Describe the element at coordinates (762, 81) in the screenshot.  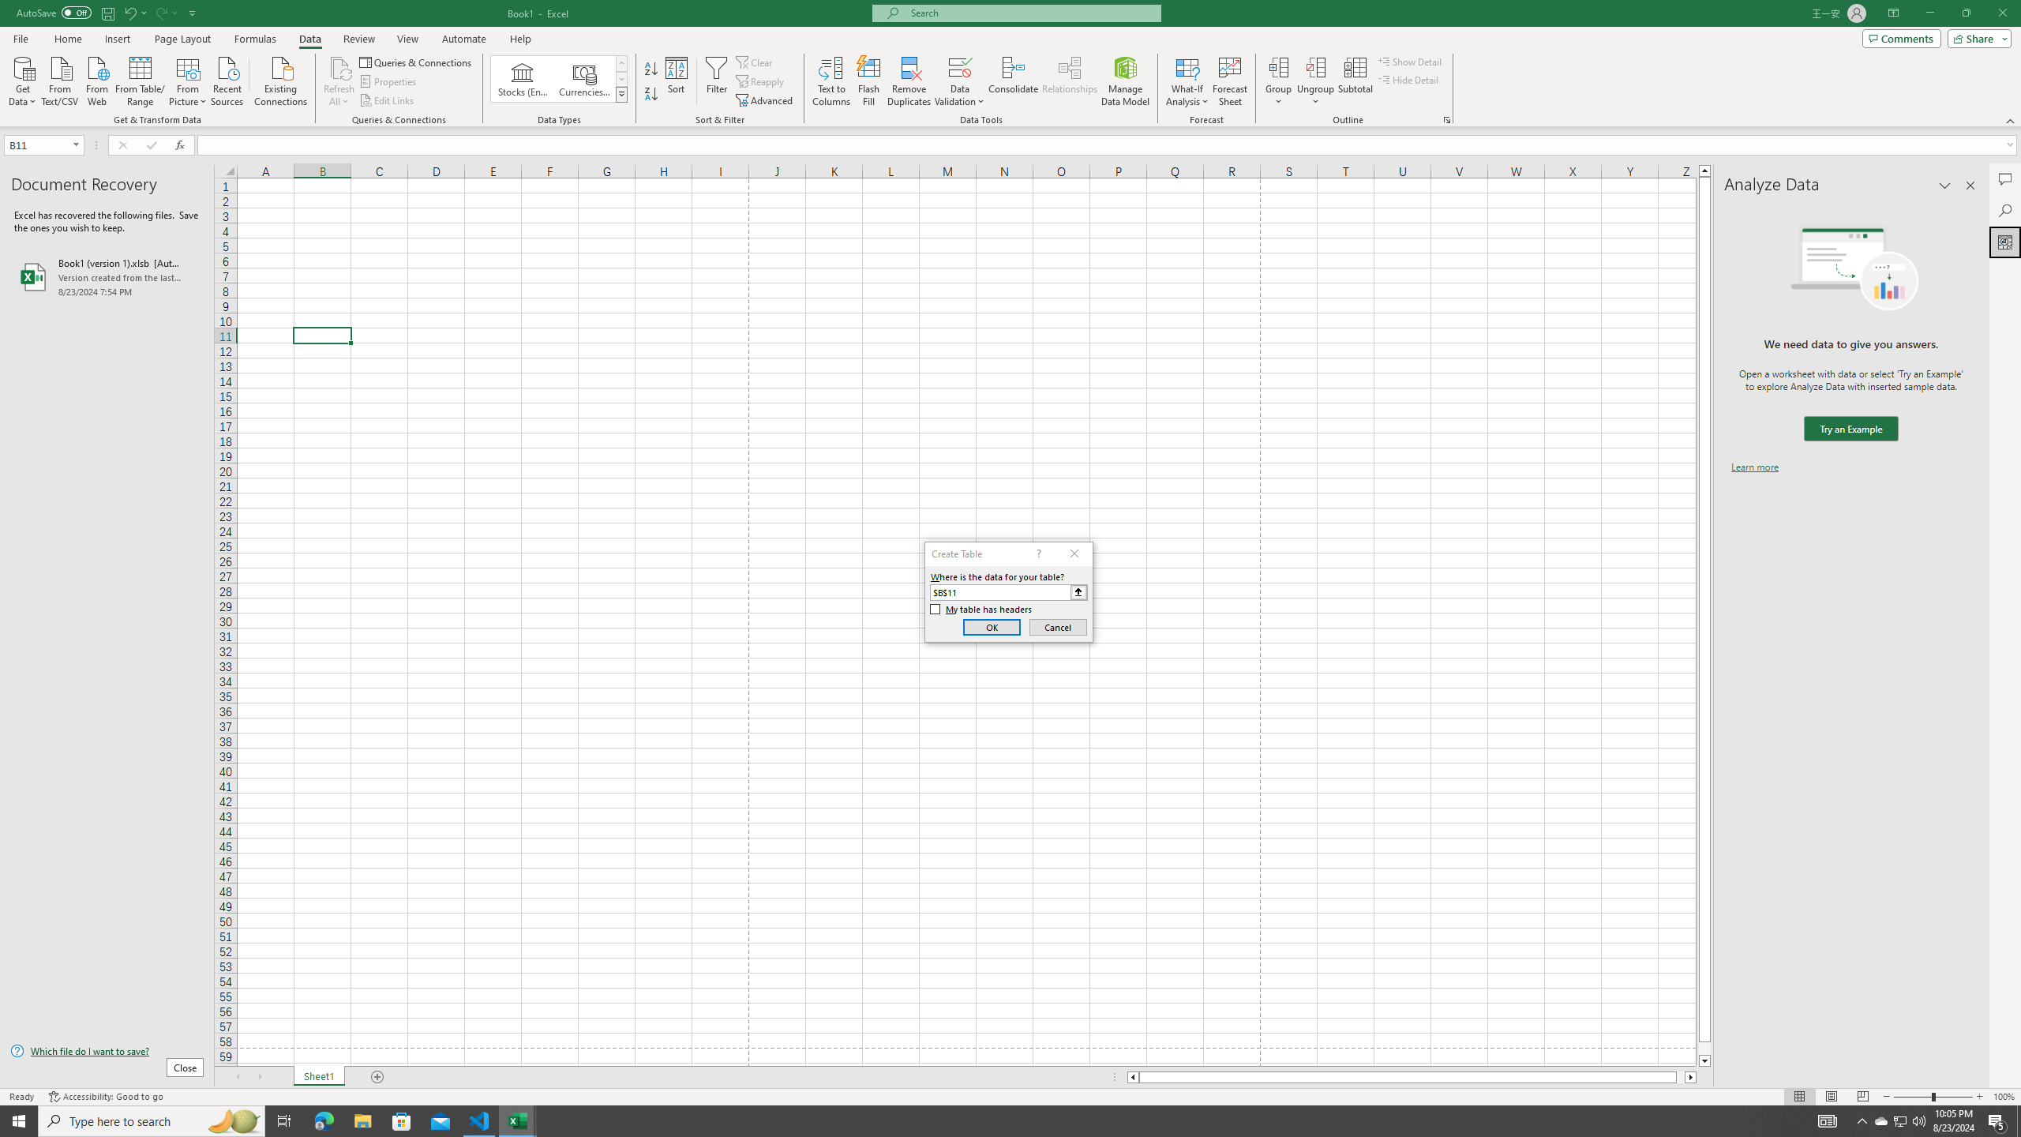
I see `'Reapply'` at that location.